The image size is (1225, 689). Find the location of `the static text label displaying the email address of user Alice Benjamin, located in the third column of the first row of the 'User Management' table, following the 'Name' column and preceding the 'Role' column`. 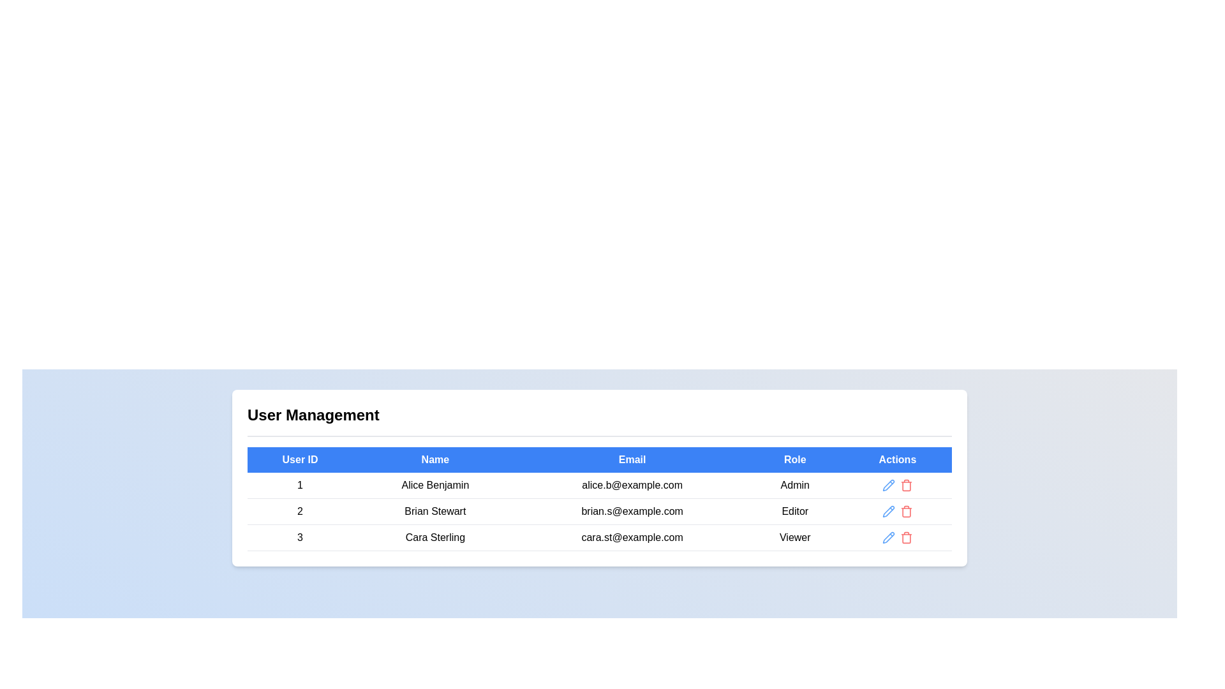

the static text label displaying the email address of user Alice Benjamin, located in the third column of the first row of the 'User Management' table, following the 'Name' column and preceding the 'Role' column is located at coordinates (632, 485).